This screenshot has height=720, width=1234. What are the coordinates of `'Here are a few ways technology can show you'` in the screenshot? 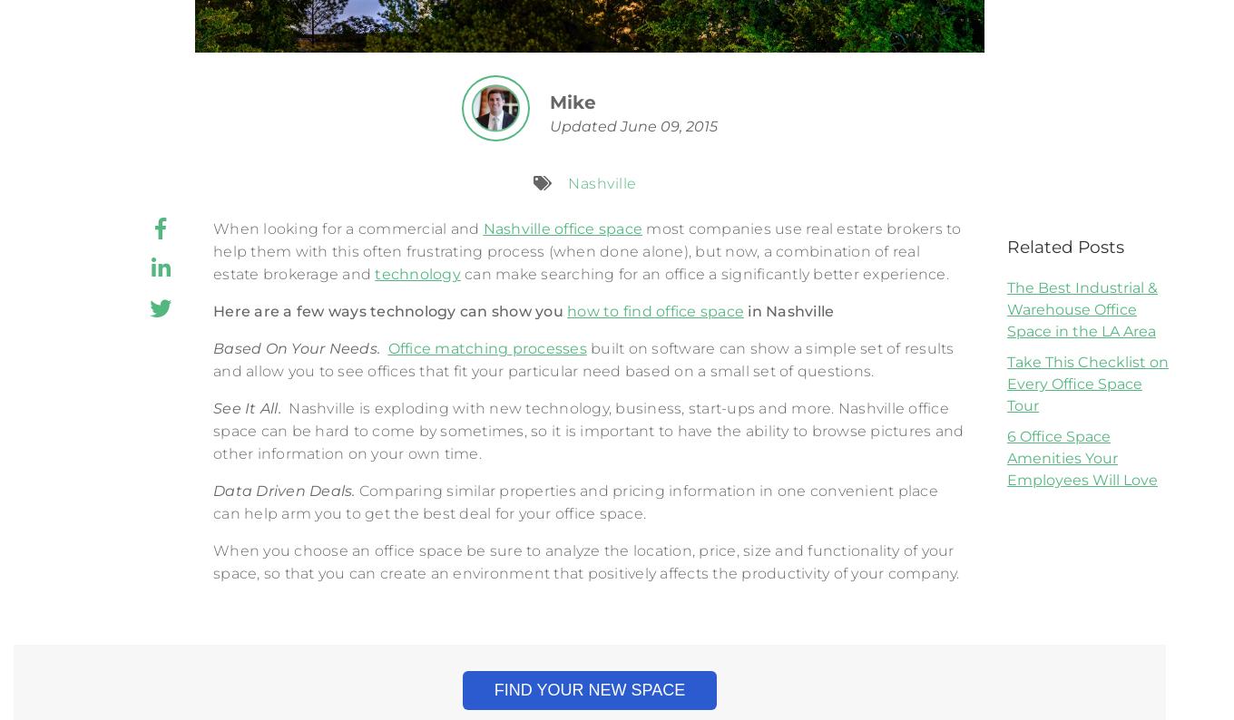 It's located at (389, 310).